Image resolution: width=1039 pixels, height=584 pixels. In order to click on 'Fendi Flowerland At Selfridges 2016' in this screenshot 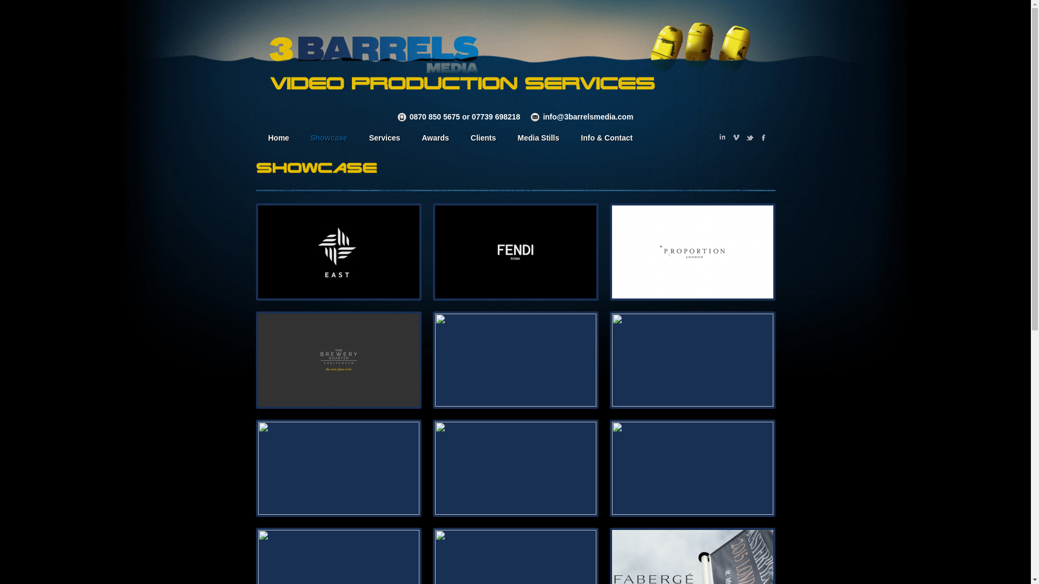, I will do `click(693, 360)`.